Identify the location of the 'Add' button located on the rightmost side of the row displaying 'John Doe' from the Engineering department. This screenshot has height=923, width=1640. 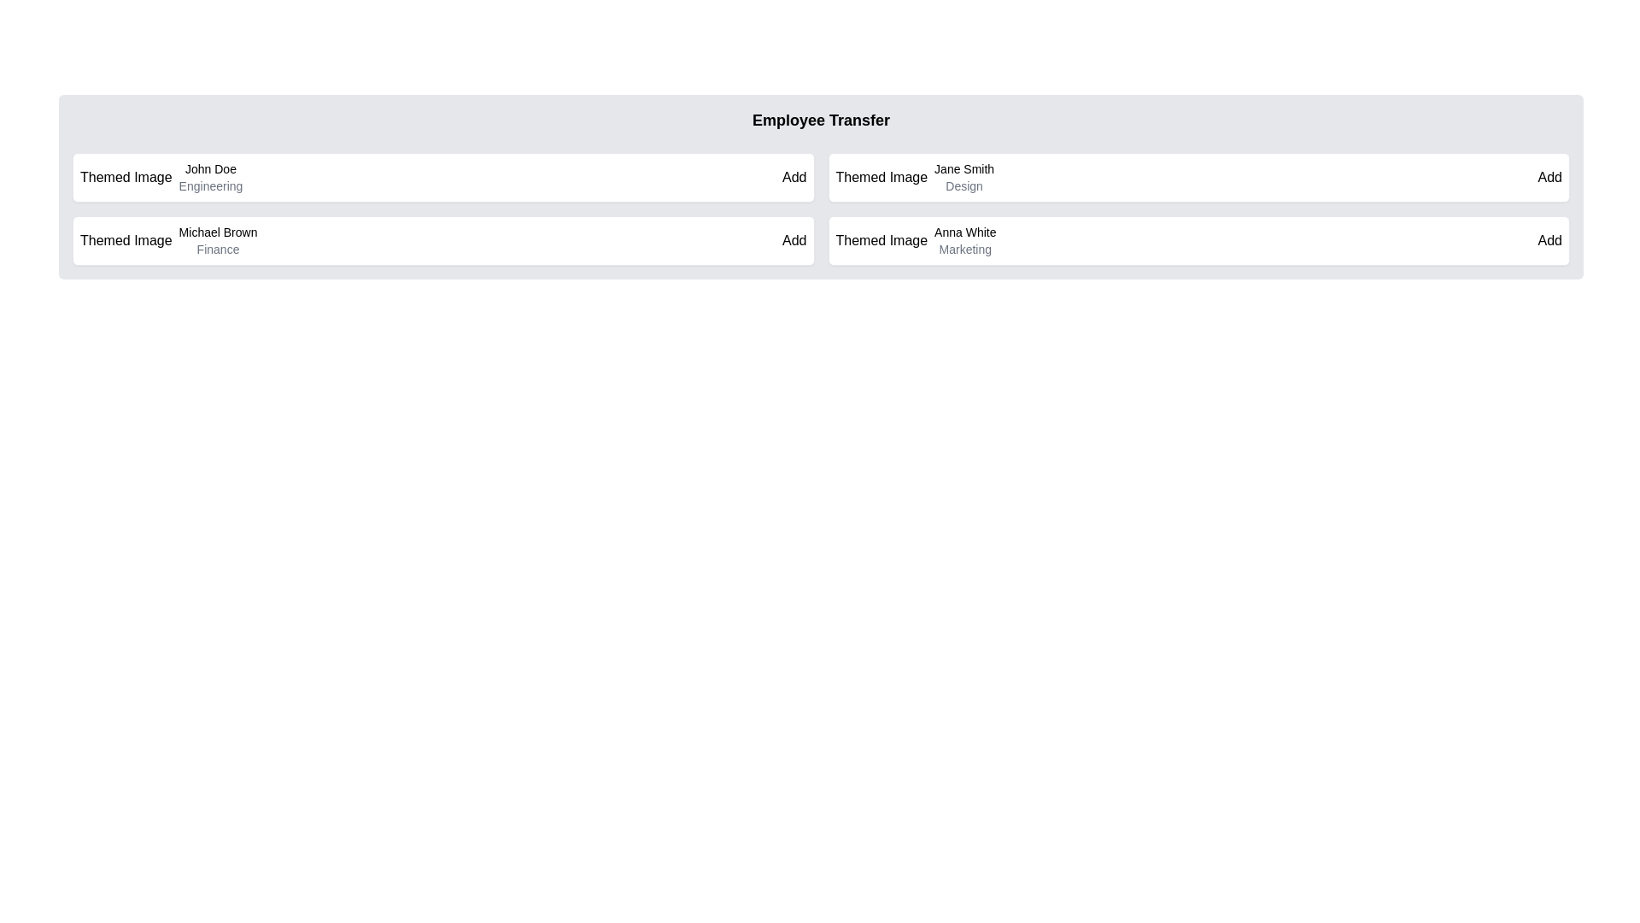
(794, 178).